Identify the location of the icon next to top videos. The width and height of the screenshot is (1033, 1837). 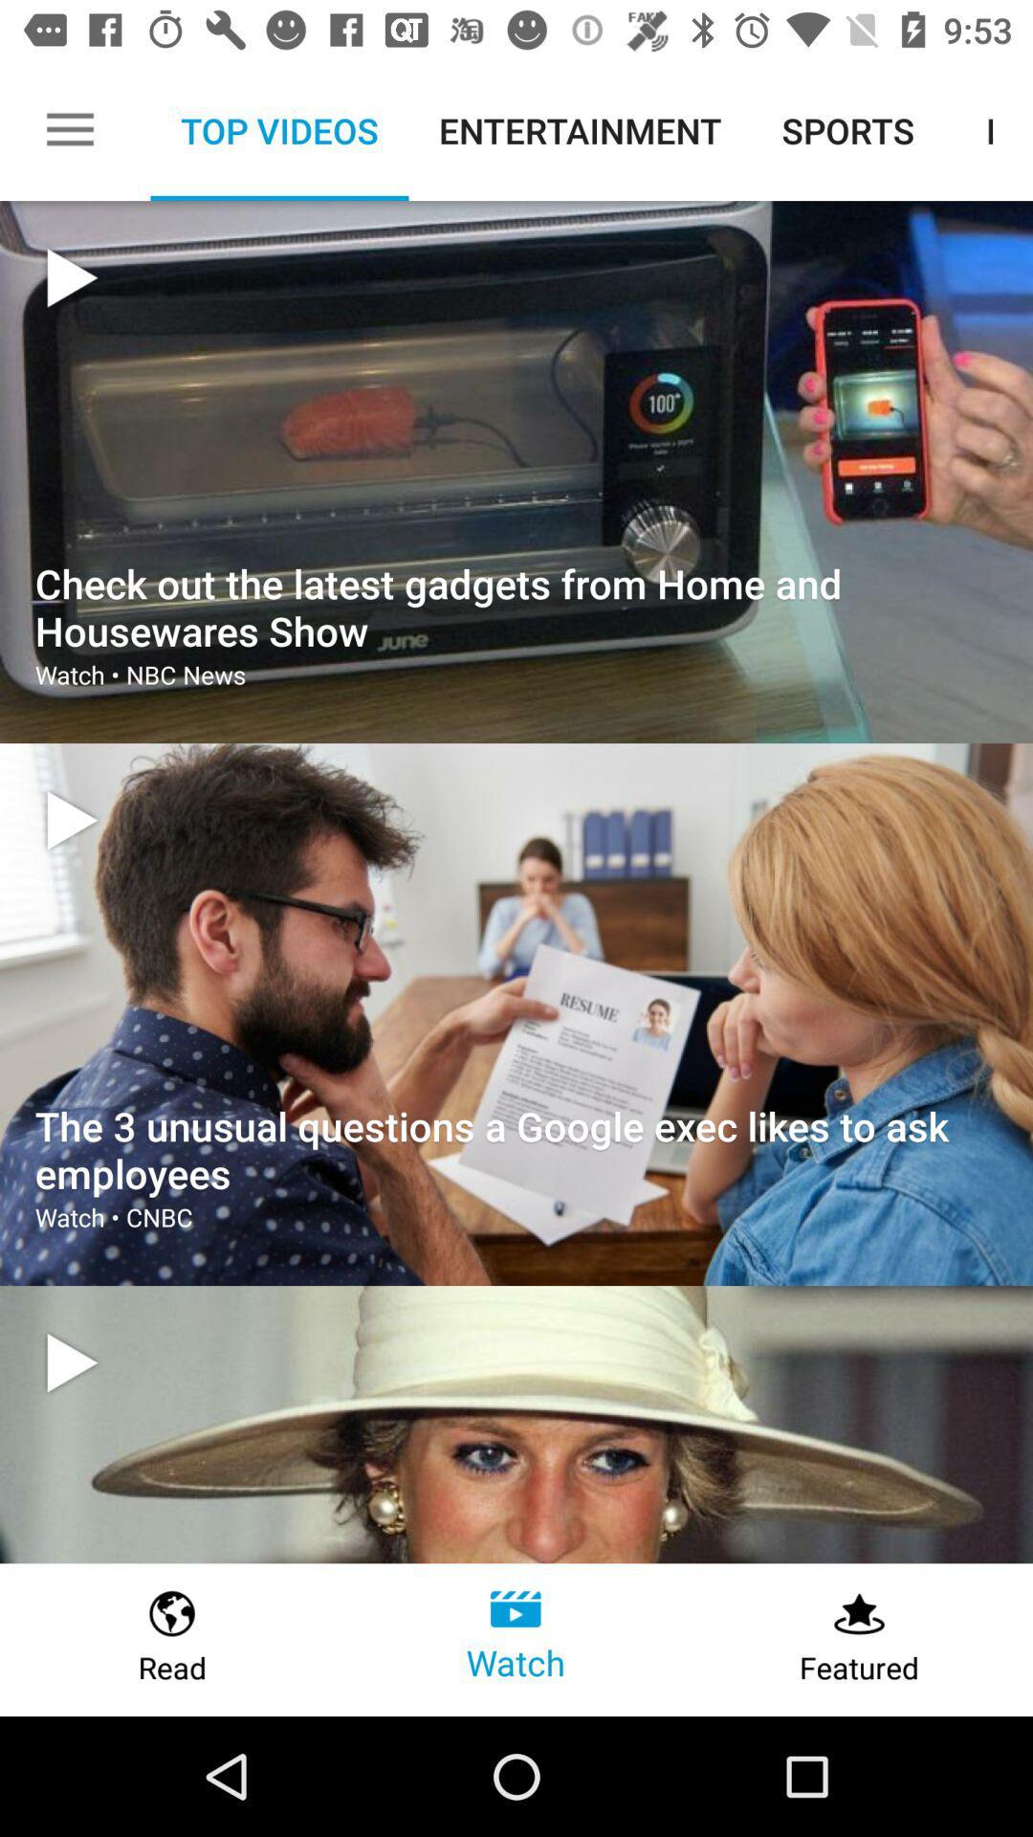
(69, 129).